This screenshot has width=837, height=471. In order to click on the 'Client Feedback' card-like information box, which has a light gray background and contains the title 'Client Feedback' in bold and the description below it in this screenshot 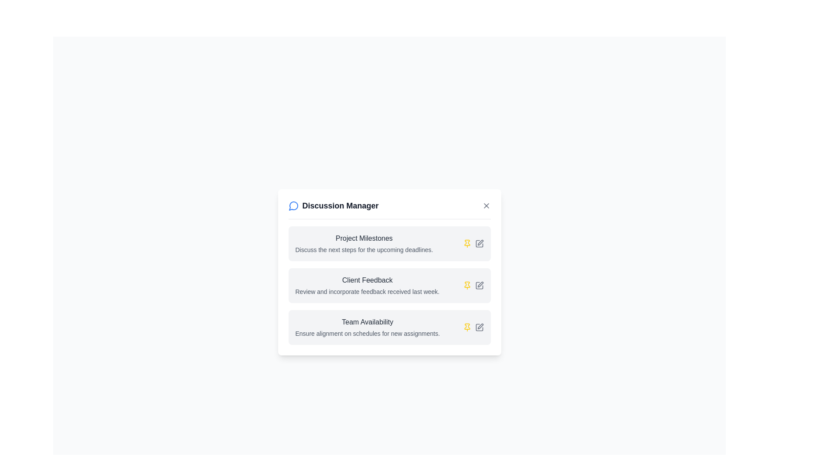, I will do `click(389, 285)`.